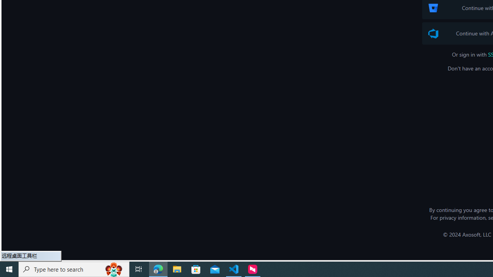  I want to click on 'Azure DevOps Logo', so click(433, 33).